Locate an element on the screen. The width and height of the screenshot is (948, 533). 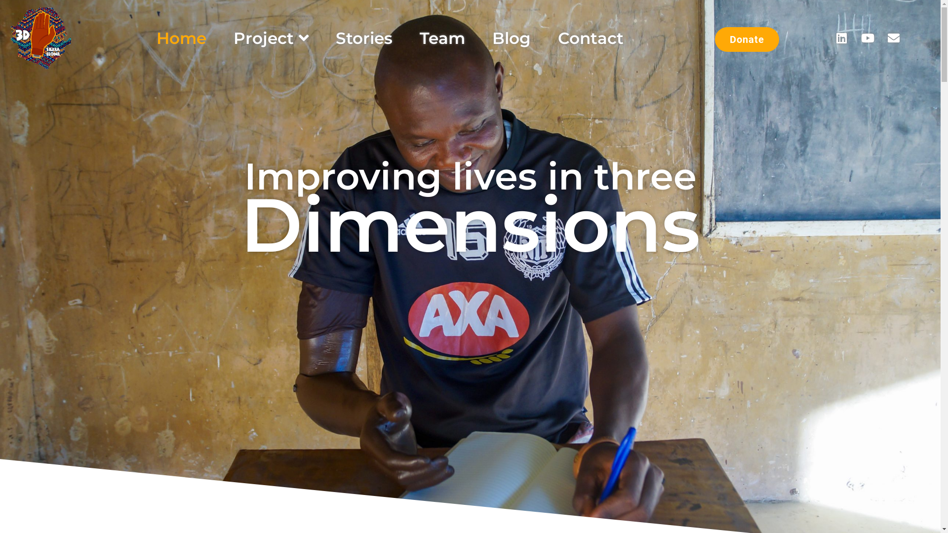
'Blog' is located at coordinates (512, 38).